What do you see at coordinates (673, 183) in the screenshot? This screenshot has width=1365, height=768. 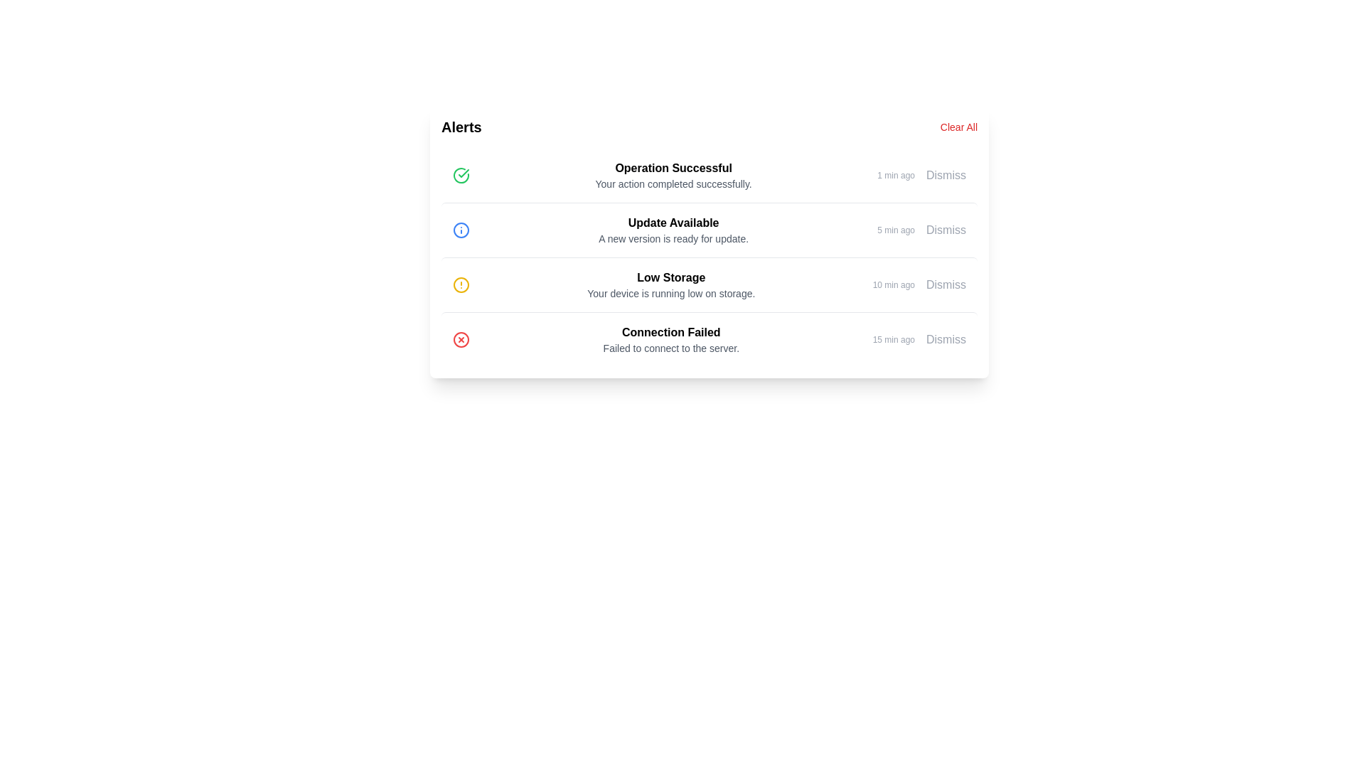 I see `displayed text 'Your action completed successfully.' from the text component located beneath the title 'Operation Successful' in the notification box` at bounding box center [673, 183].